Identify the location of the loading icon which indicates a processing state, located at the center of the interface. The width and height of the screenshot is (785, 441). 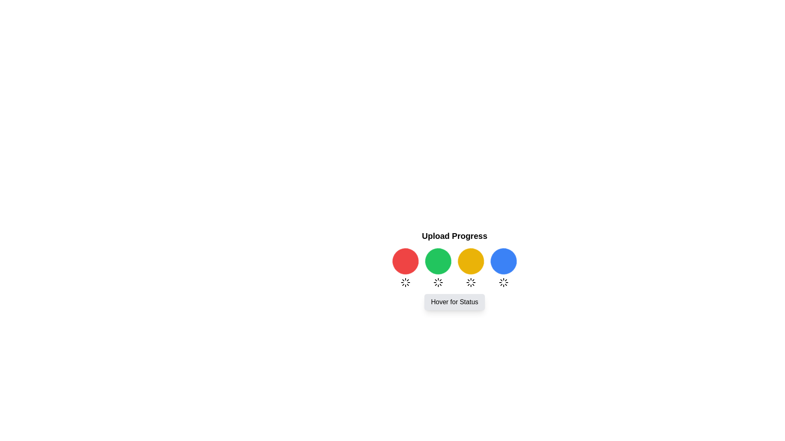
(471, 282).